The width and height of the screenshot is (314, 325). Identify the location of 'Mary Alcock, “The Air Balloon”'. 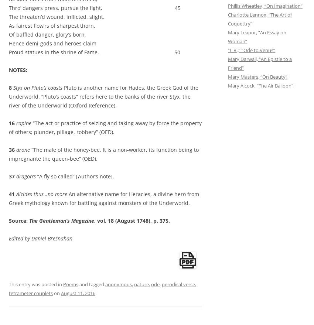
(260, 85).